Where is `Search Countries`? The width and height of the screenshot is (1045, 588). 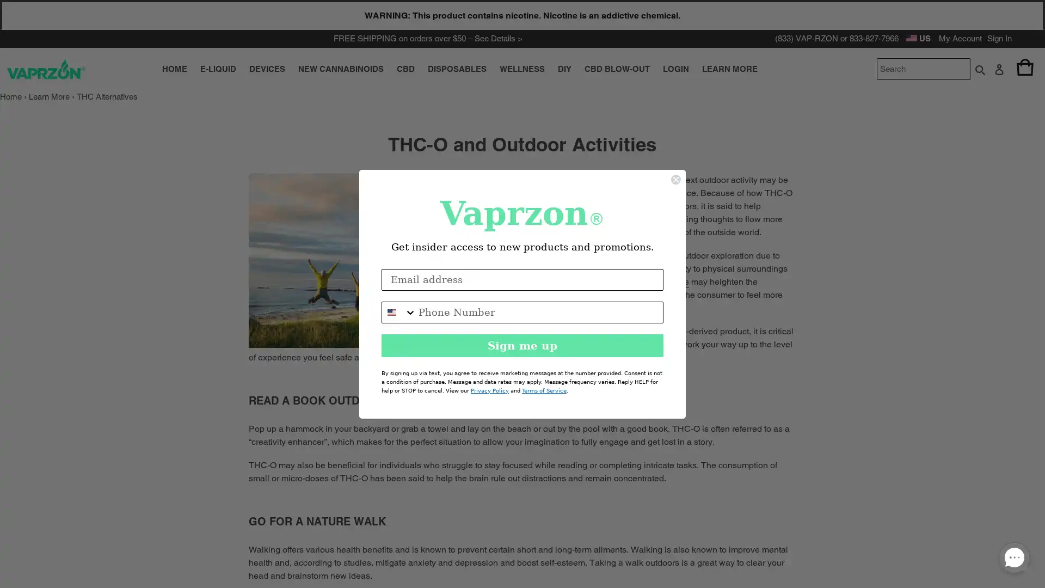 Search Countries is located at coordinates (399, 312).